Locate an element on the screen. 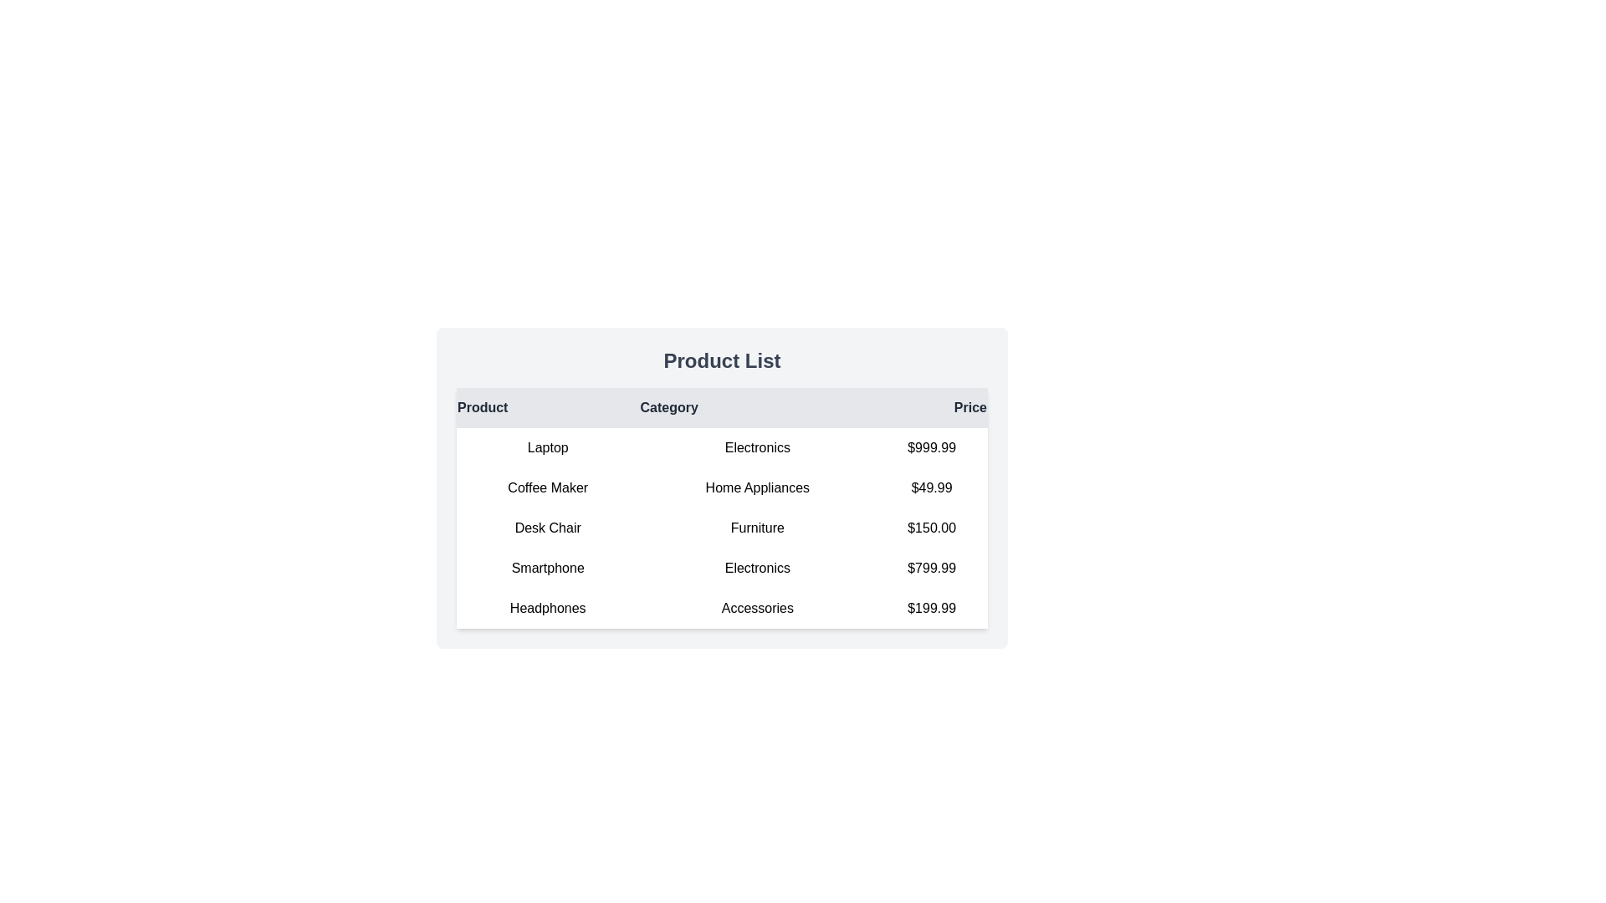  the price display element for the product 'Smartphone' located in the third column of its respective row in the product list is located at coordinates (931, 567).